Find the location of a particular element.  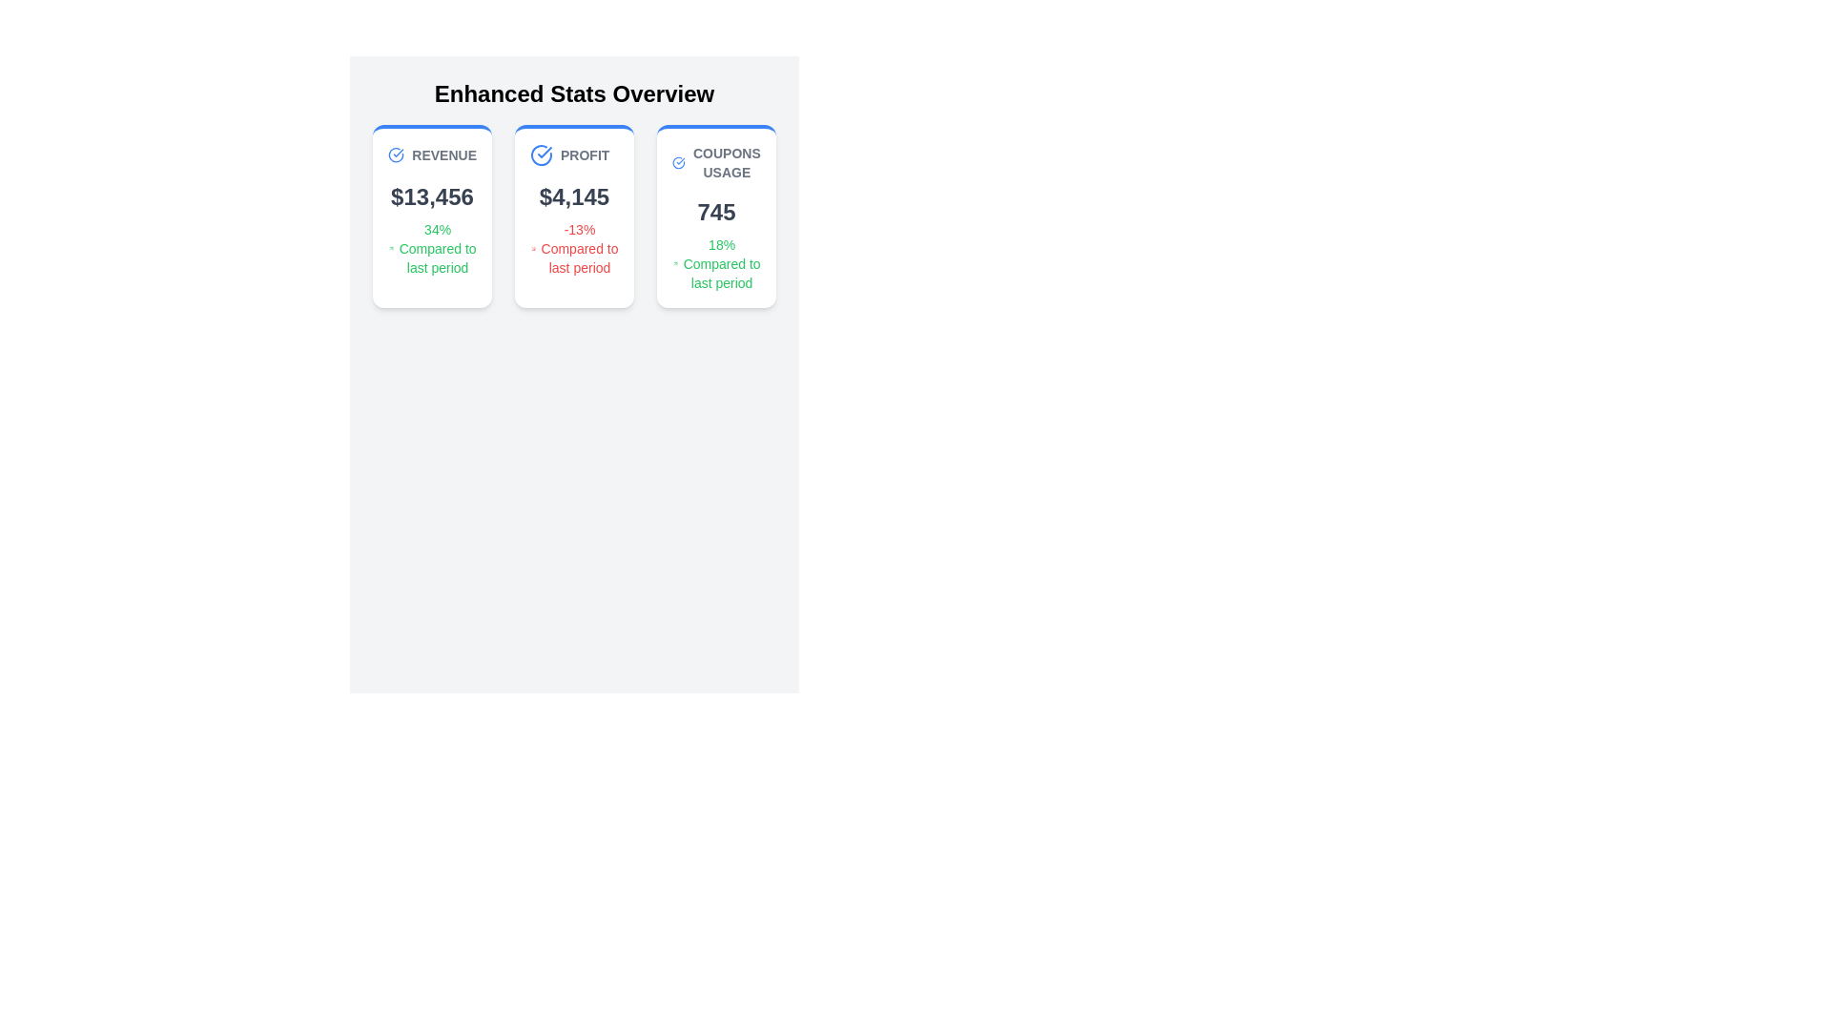

the icon is located at coordinates (573, 228).